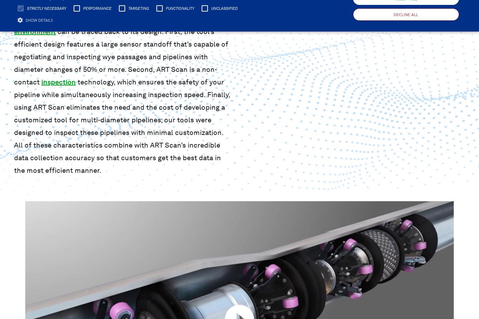 This screenshot has width=479, height=319. I want to click on 'environment', so click(14, 31).